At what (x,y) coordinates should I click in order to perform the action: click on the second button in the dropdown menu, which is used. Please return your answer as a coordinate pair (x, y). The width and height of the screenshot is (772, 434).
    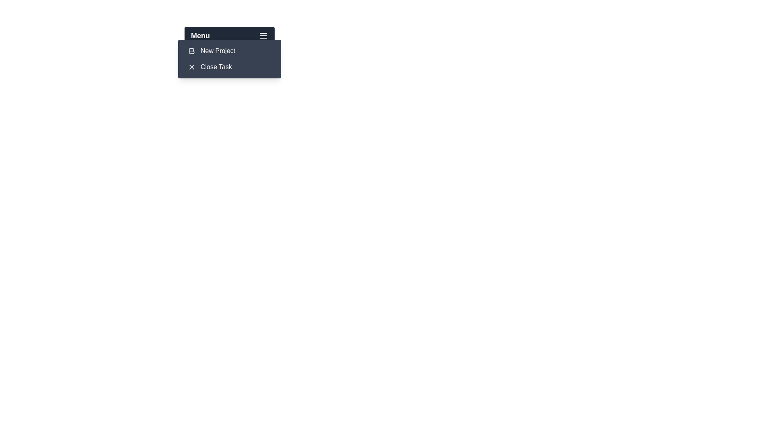
    Looking at the image, I should click on (229, 66).